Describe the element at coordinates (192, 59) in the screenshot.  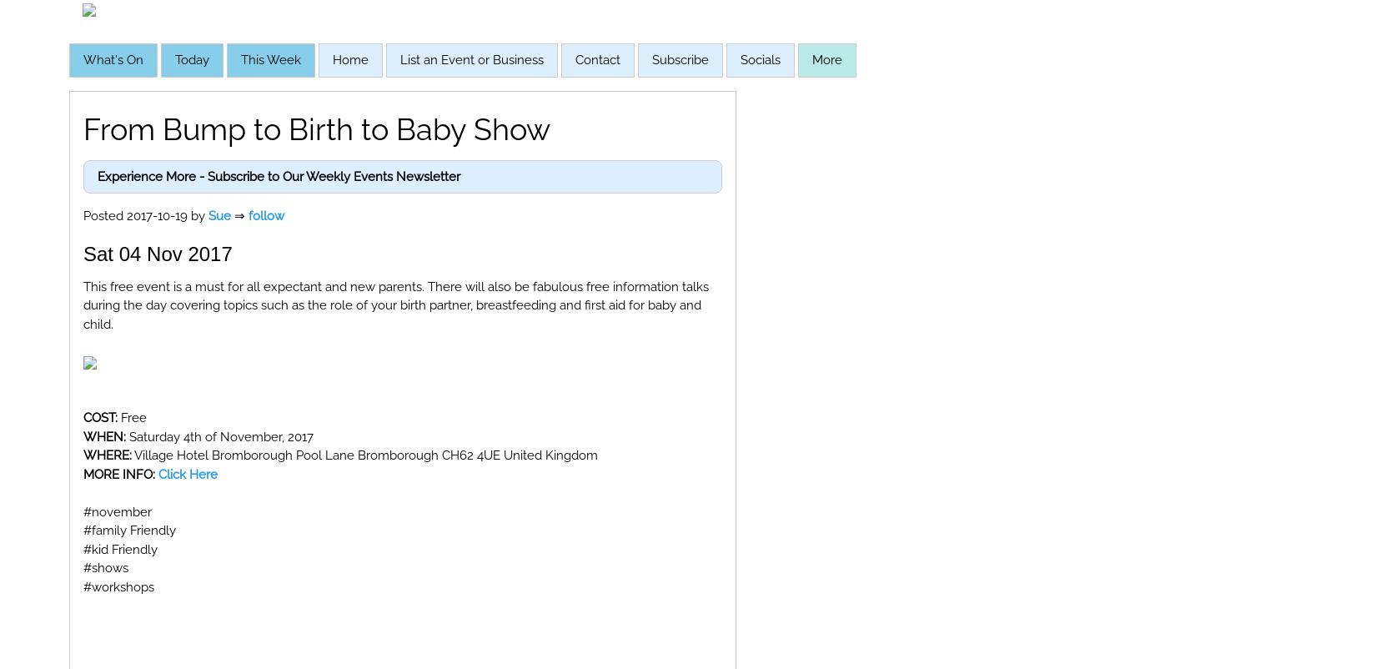
I see `'Today'` at that location.